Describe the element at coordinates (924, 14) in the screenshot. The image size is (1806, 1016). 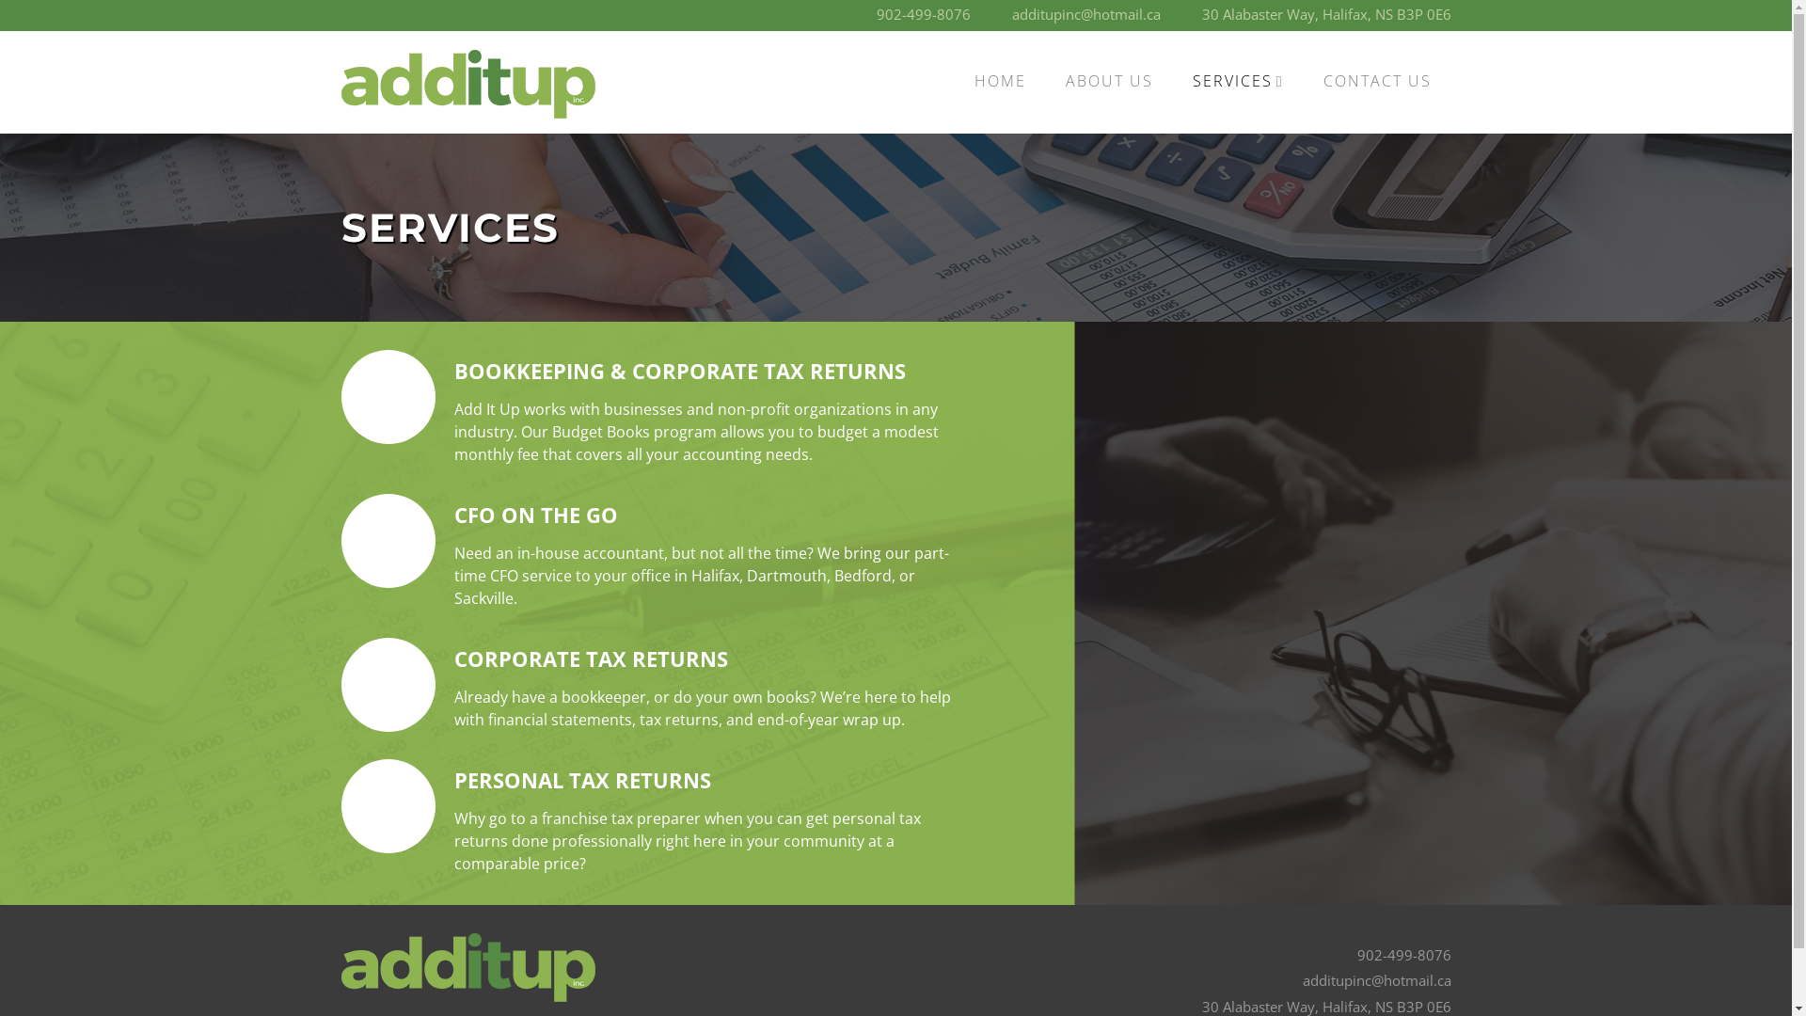
I see `'902-499-8076'` at that location.